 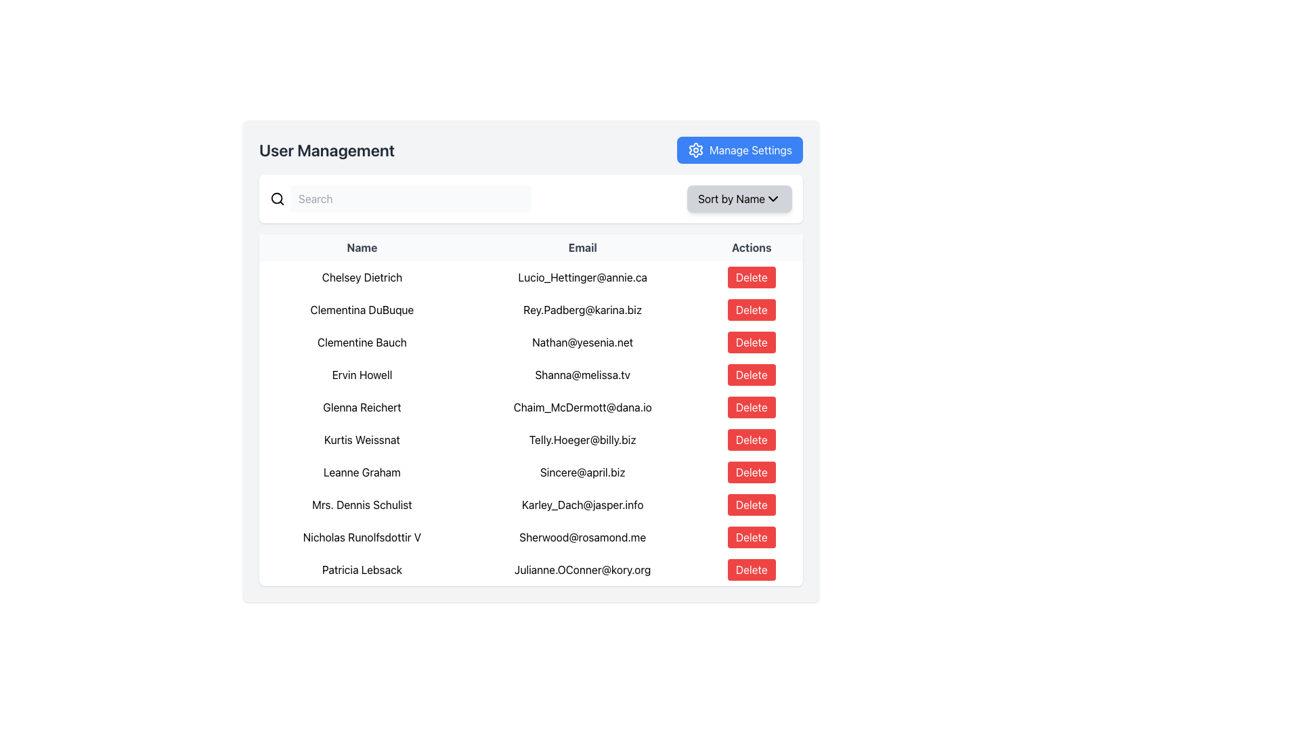 What do you see at coordinates (751, 375) in the screenshot?
I see `the rectangular red 'Delete' button with white text, located in the 'Actions' column of the row for user 'Ervin Howell'` at bounding box center [751, 375].